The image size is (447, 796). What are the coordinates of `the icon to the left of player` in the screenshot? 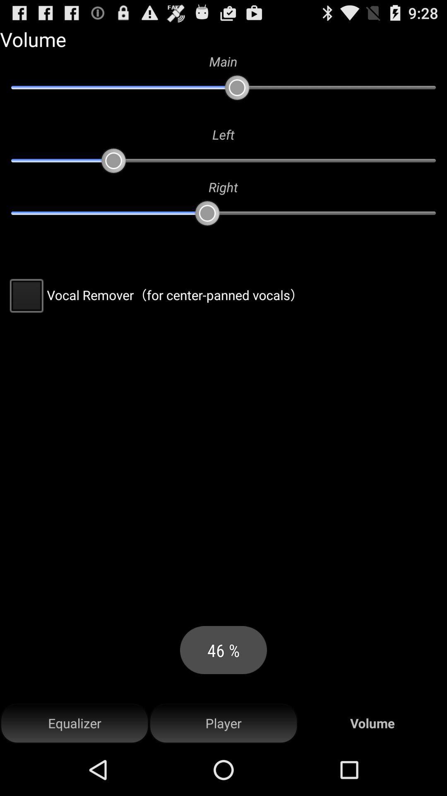 It's located at (74, 723).